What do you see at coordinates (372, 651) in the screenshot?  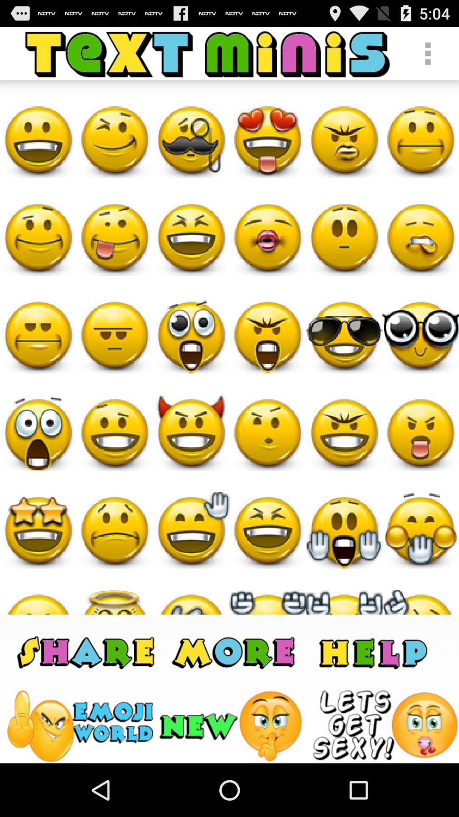 I see `help icon` at bounding box center [372, 651].